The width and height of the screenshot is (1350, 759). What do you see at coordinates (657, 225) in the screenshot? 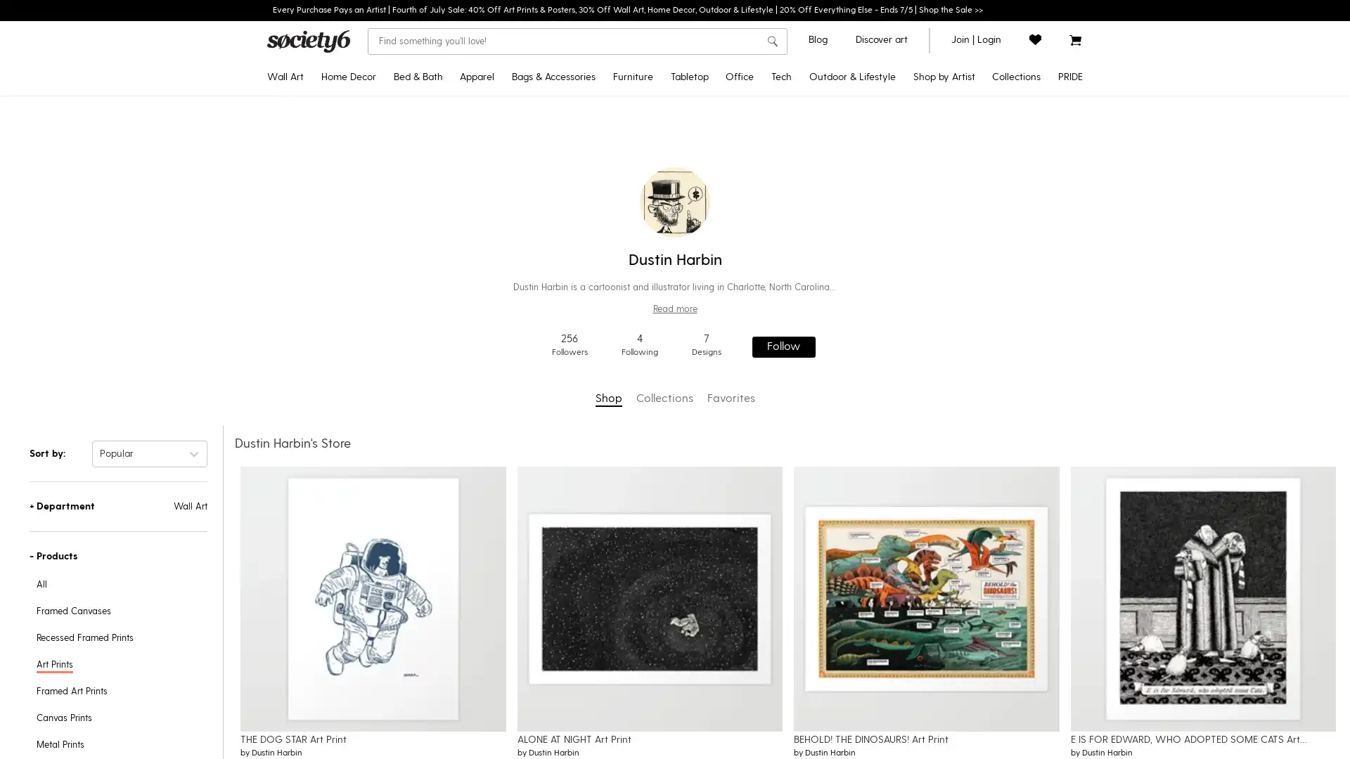
I see `Coffee Tables` at bounding box center [657, 225].